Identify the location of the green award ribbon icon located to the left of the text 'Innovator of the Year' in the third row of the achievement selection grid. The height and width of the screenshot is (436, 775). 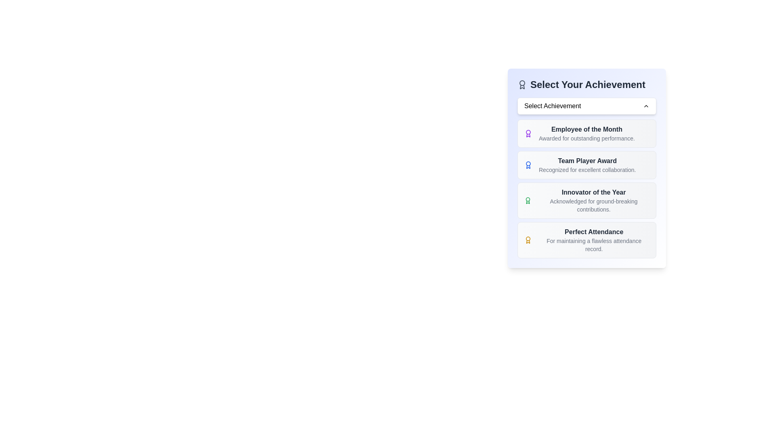
(528, 200).